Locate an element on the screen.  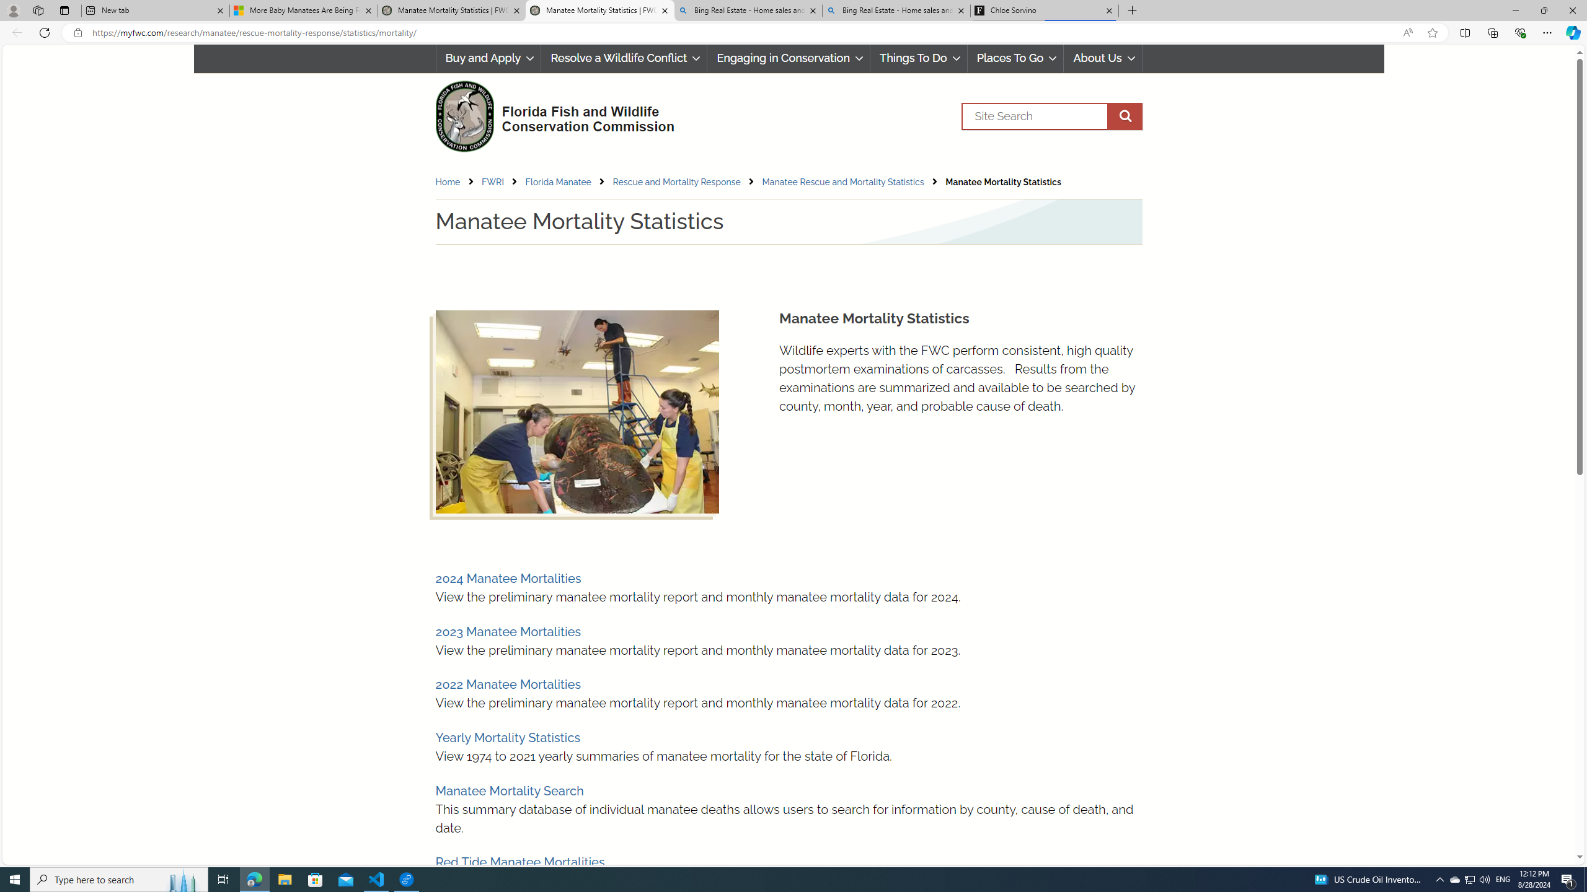
'Manatee Mortality Search' is located at coordinates (508, 790).